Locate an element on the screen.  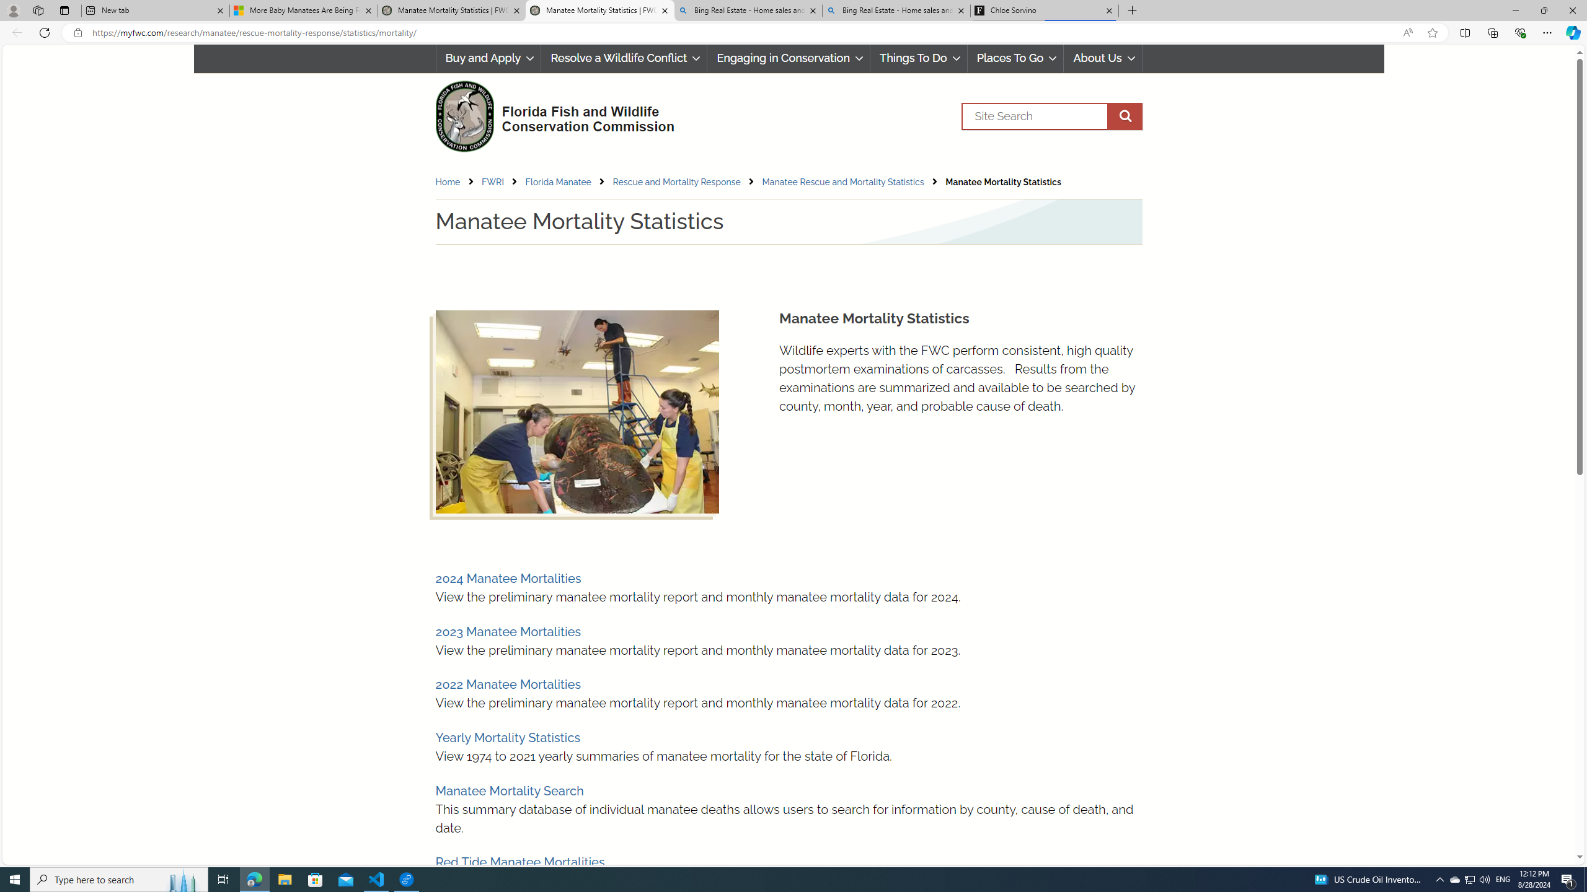
'Manatee Mortality Search' is located at coordinates (508, 790).